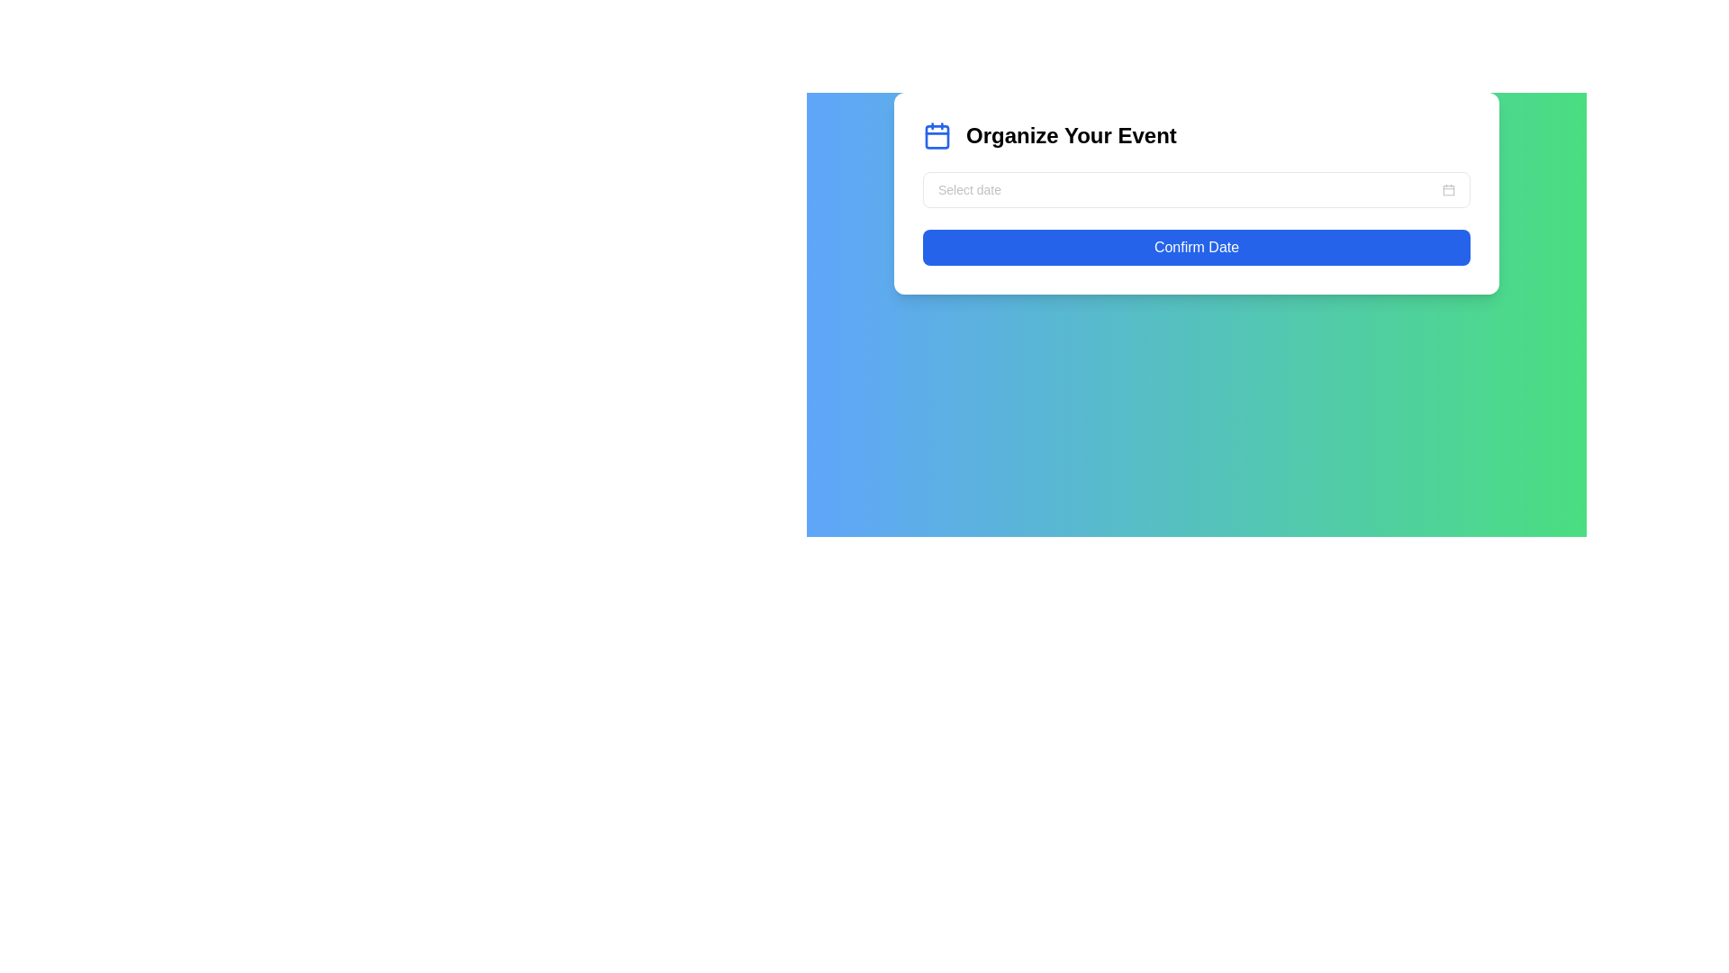 Image resolution: width=1729 pixels, height=973 pixels. What do you see at coordinates (937, 134) in the screenshot?
I see `properties of the calendar icon located to the left of the 'Organize Your Event' heading` at bounding box center [937, 134].